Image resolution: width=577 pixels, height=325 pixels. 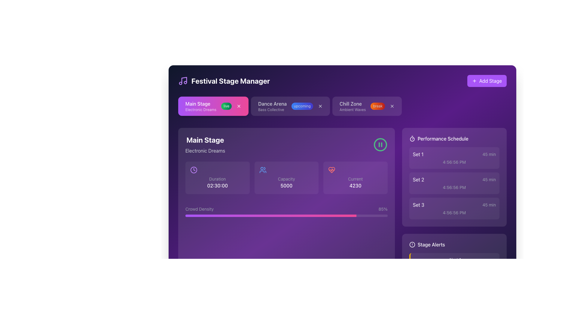 I want to click on the middle list item in the 'Performance Schedule' card, so click(x=454, y=183).